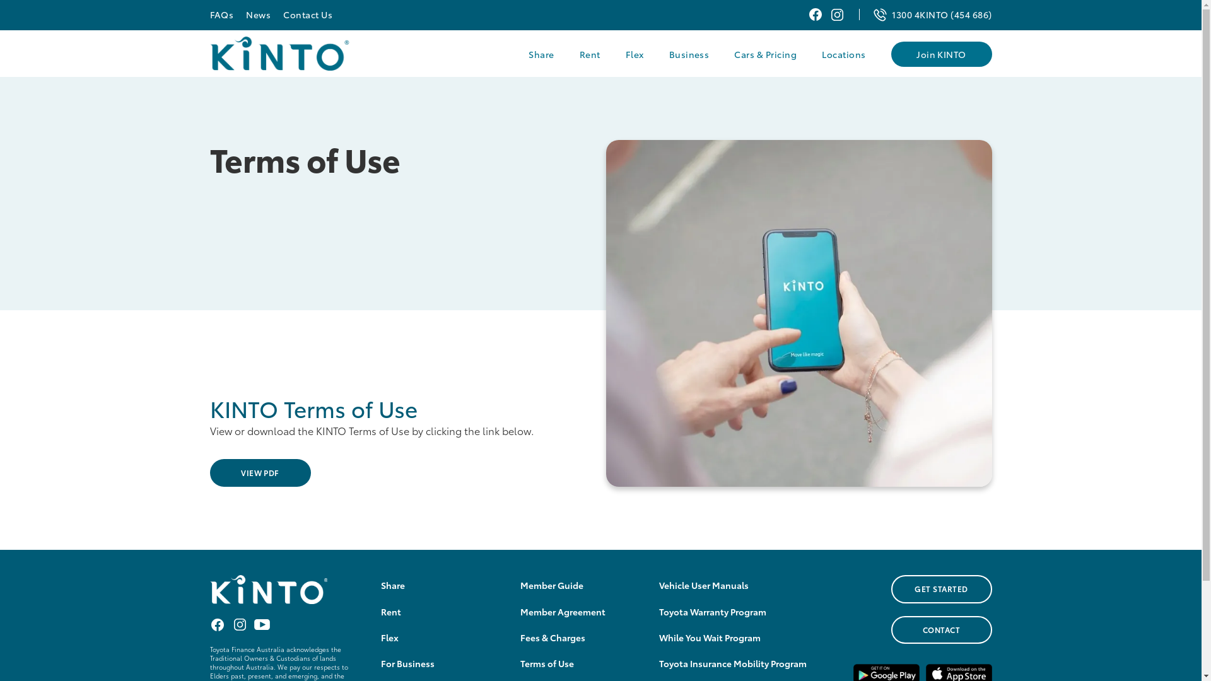  What do you see at coordinates (407, 663) in the screenshot?
I see `'For Business'` at bounding box center [407, 663].